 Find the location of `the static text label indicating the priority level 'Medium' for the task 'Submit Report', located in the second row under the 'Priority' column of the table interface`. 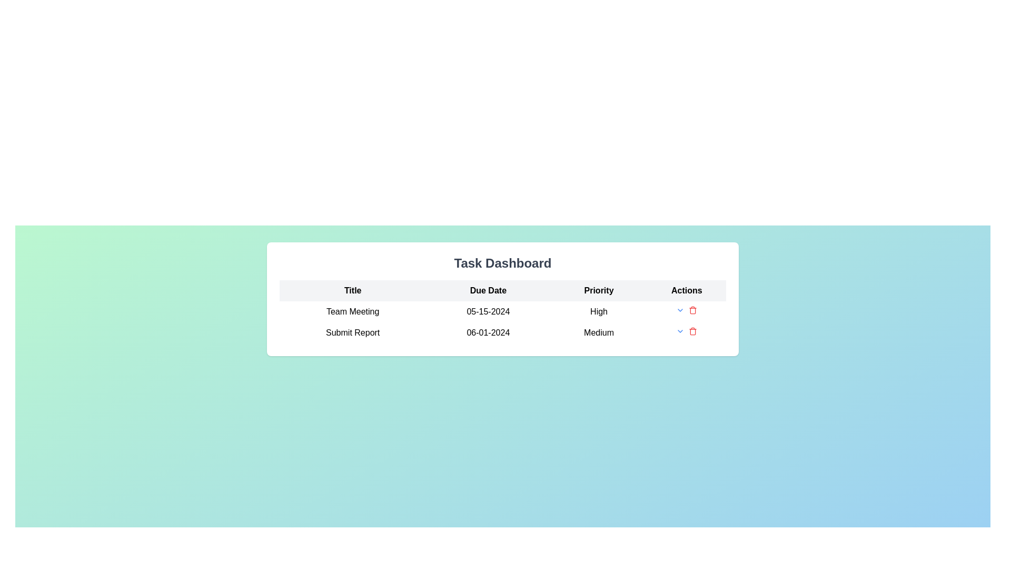

the static text label indicating the priority level 'Medium' for the task 'Submit Report', located in the second row under the 'Priority' column of the table interface is located at coordinates (599, 333).